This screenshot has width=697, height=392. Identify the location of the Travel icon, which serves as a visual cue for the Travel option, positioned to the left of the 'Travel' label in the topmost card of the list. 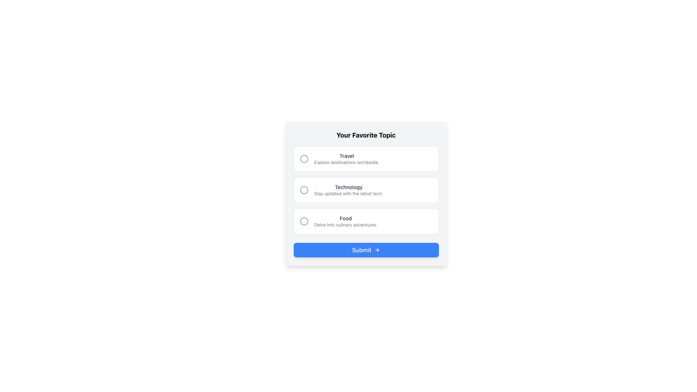
(304, 159).